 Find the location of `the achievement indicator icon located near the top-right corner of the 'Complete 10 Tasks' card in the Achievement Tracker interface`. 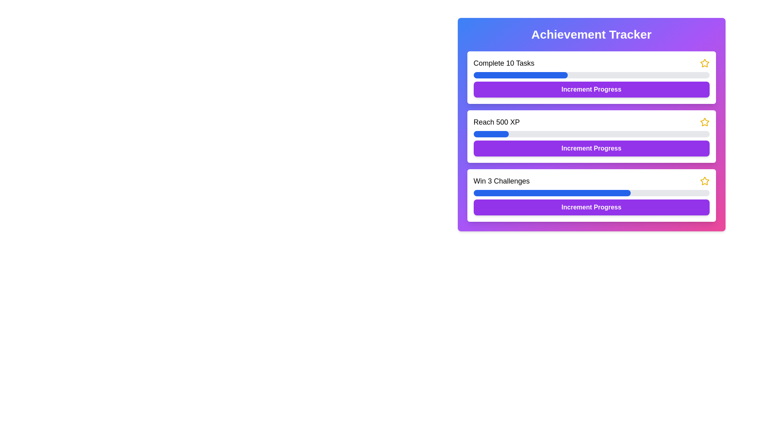

the achievement indicator icon located near the top-right corner of the 'Complete 10 Tasks' card in the Achievement Tracker interface is located at coordinates (704, 181).